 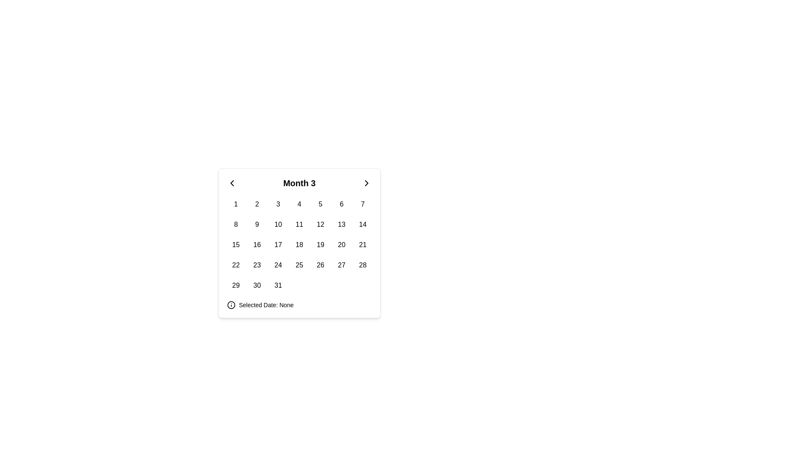 I want to click on the text button labeled '18' in the calendar grid, so click(x=299, y=245).